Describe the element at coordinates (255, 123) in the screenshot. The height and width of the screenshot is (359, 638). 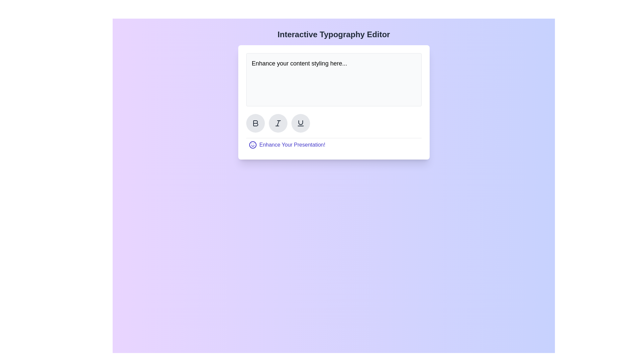
I see `the bold 'B' icon in the toolbar section` at that location.